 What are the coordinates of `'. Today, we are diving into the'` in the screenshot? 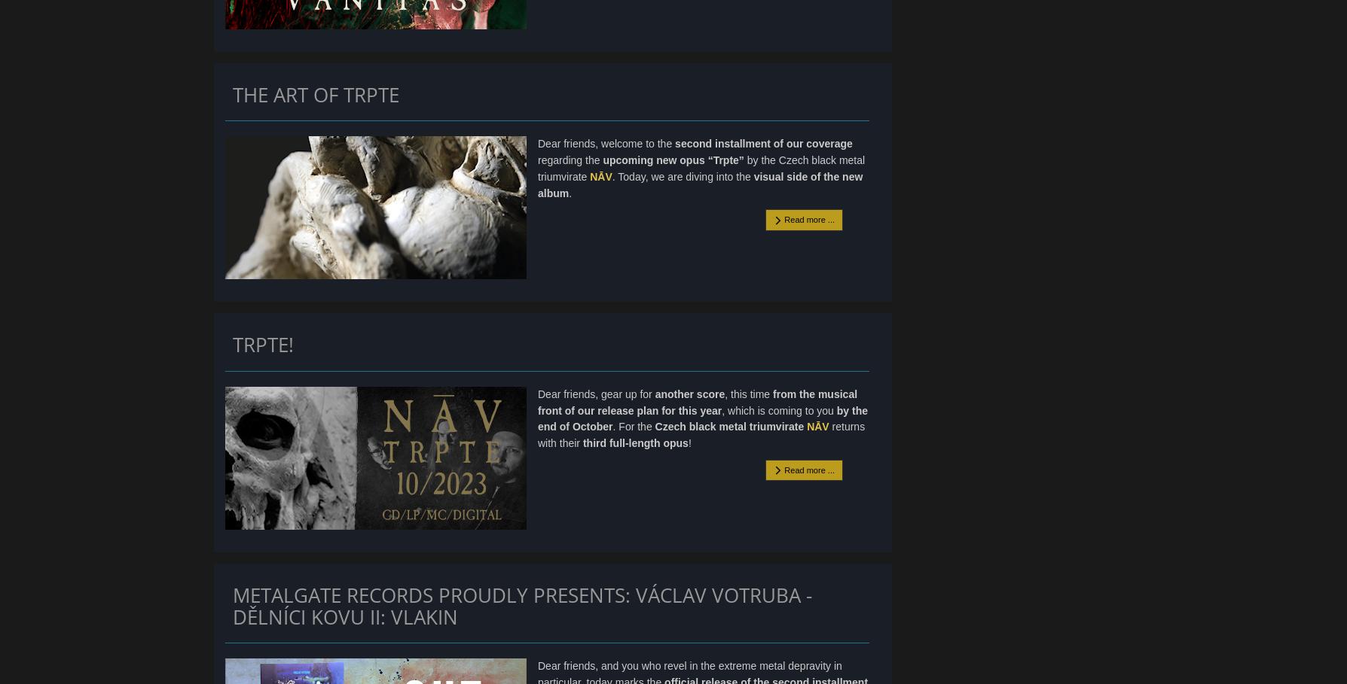 It's located at (682, 175).